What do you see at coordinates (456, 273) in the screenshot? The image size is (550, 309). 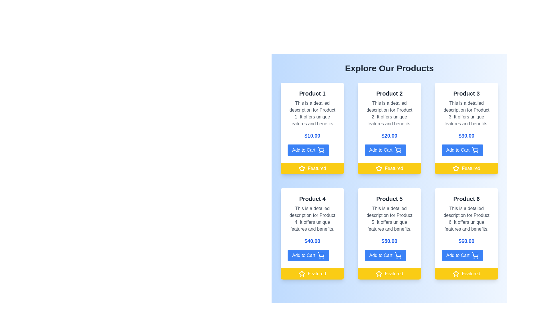 I see `the star icon with a black border and rounded edges, located on a yellow rectangular background, in the bottom right corner of the 'Product 6' card, which is part of the 'Featured' label` at bounding box center [456, 273].